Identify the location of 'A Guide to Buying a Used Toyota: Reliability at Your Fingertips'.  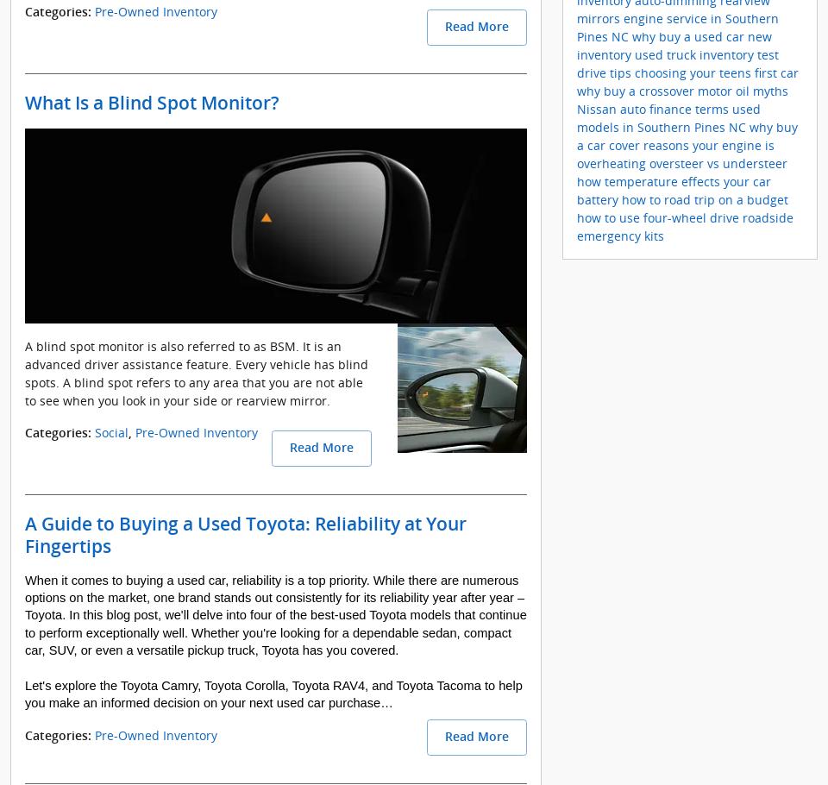
(245, 534).